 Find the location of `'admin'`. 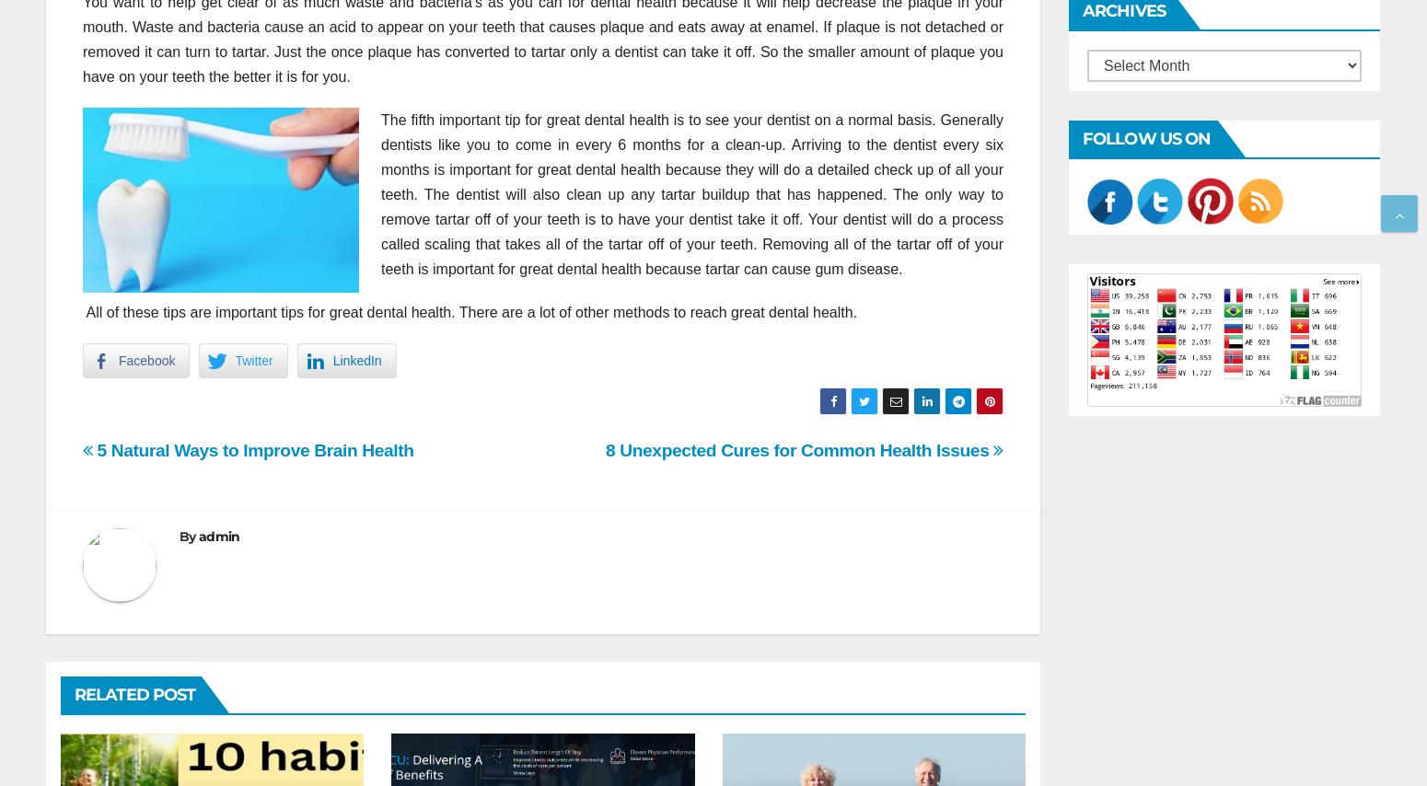

'admin' is located at coordinates (218, 536).